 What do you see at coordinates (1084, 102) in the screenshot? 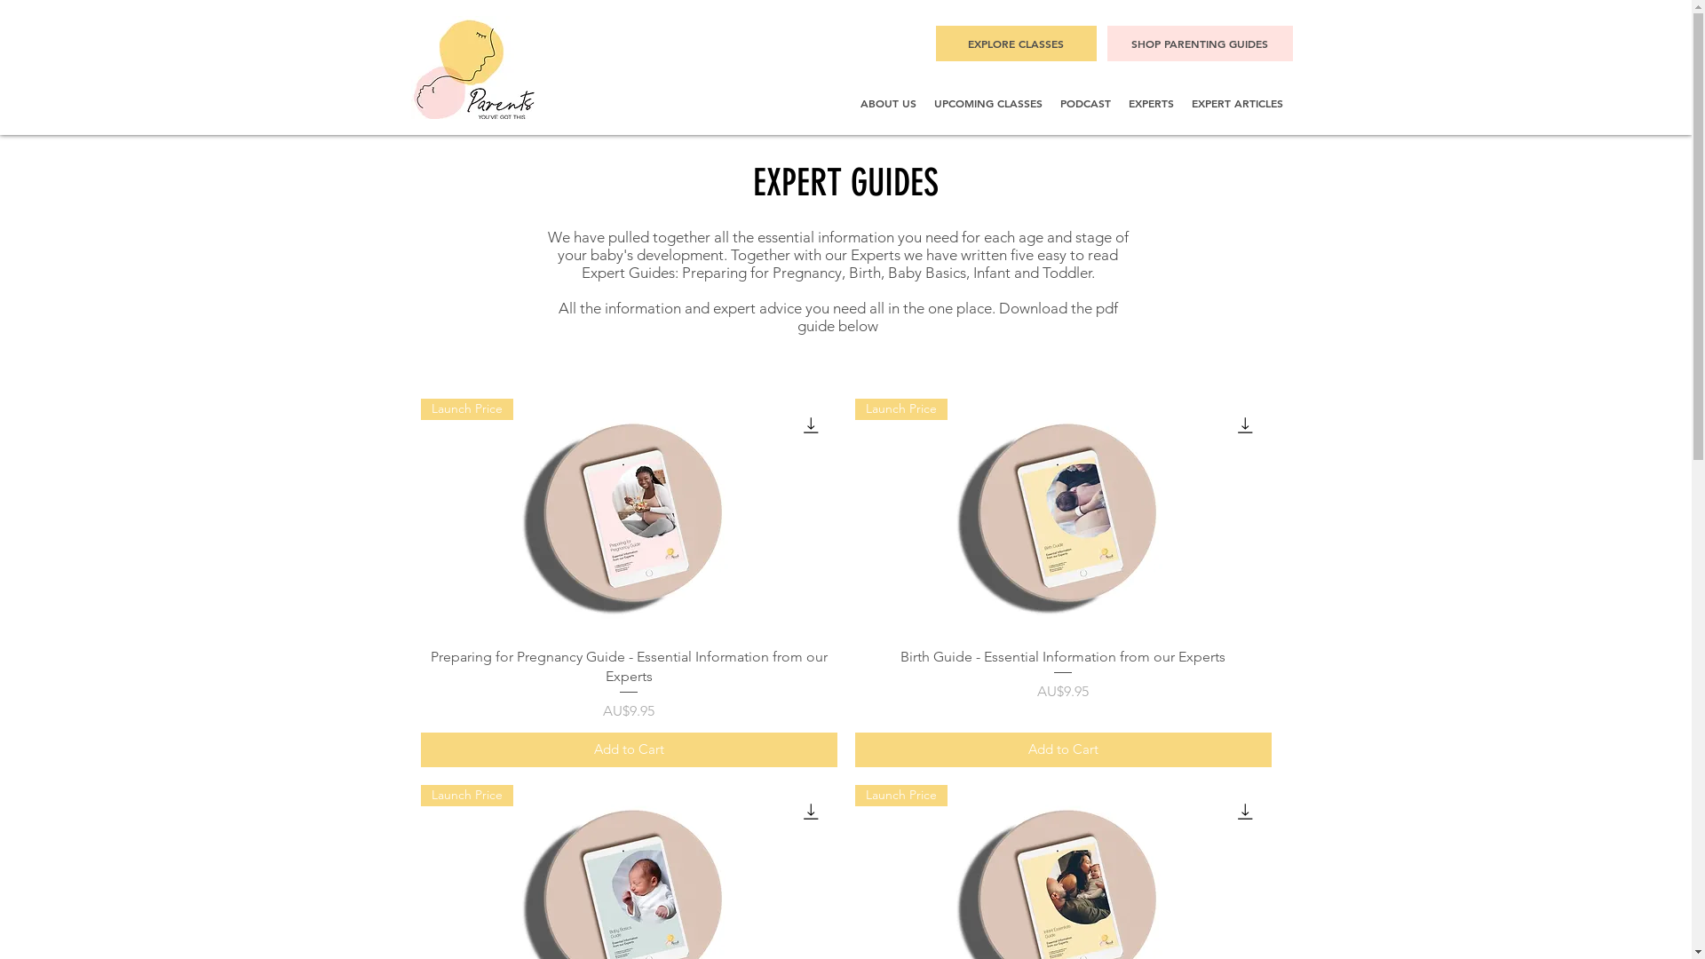
I see `'PODCAST'` at bounding box center [1084, 102].